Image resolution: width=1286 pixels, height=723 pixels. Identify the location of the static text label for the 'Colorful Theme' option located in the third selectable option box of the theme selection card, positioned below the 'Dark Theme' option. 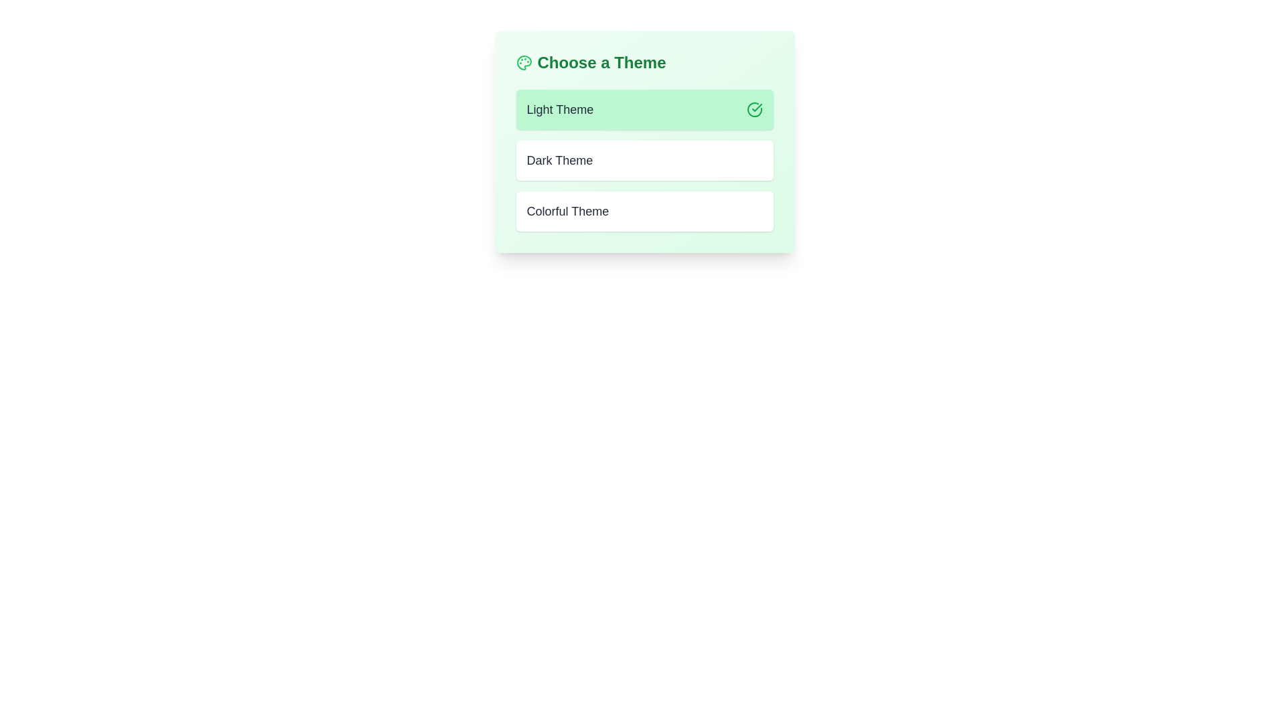
(567, 211).